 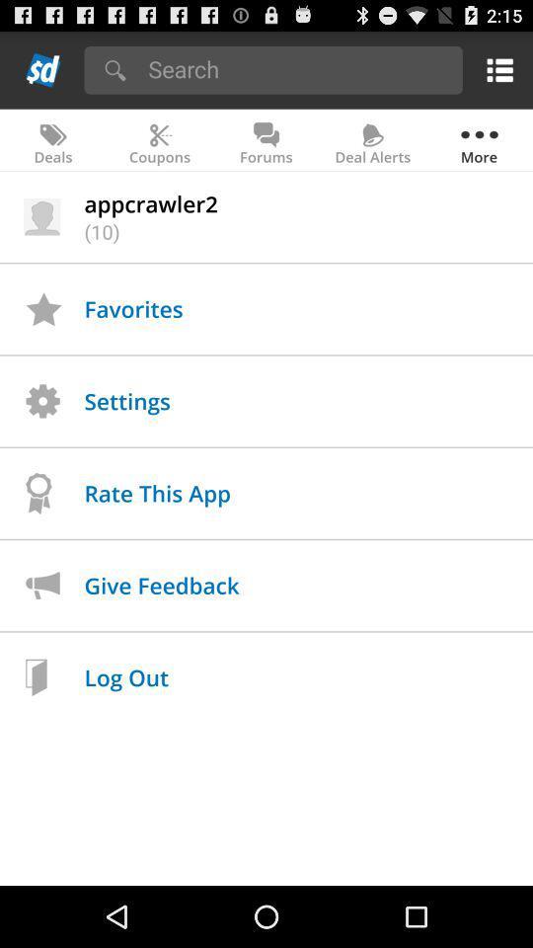 What do you see at coordinates (298, 68) in the screenshot?
I see `search the product you need` at bounding box center [298, 68].